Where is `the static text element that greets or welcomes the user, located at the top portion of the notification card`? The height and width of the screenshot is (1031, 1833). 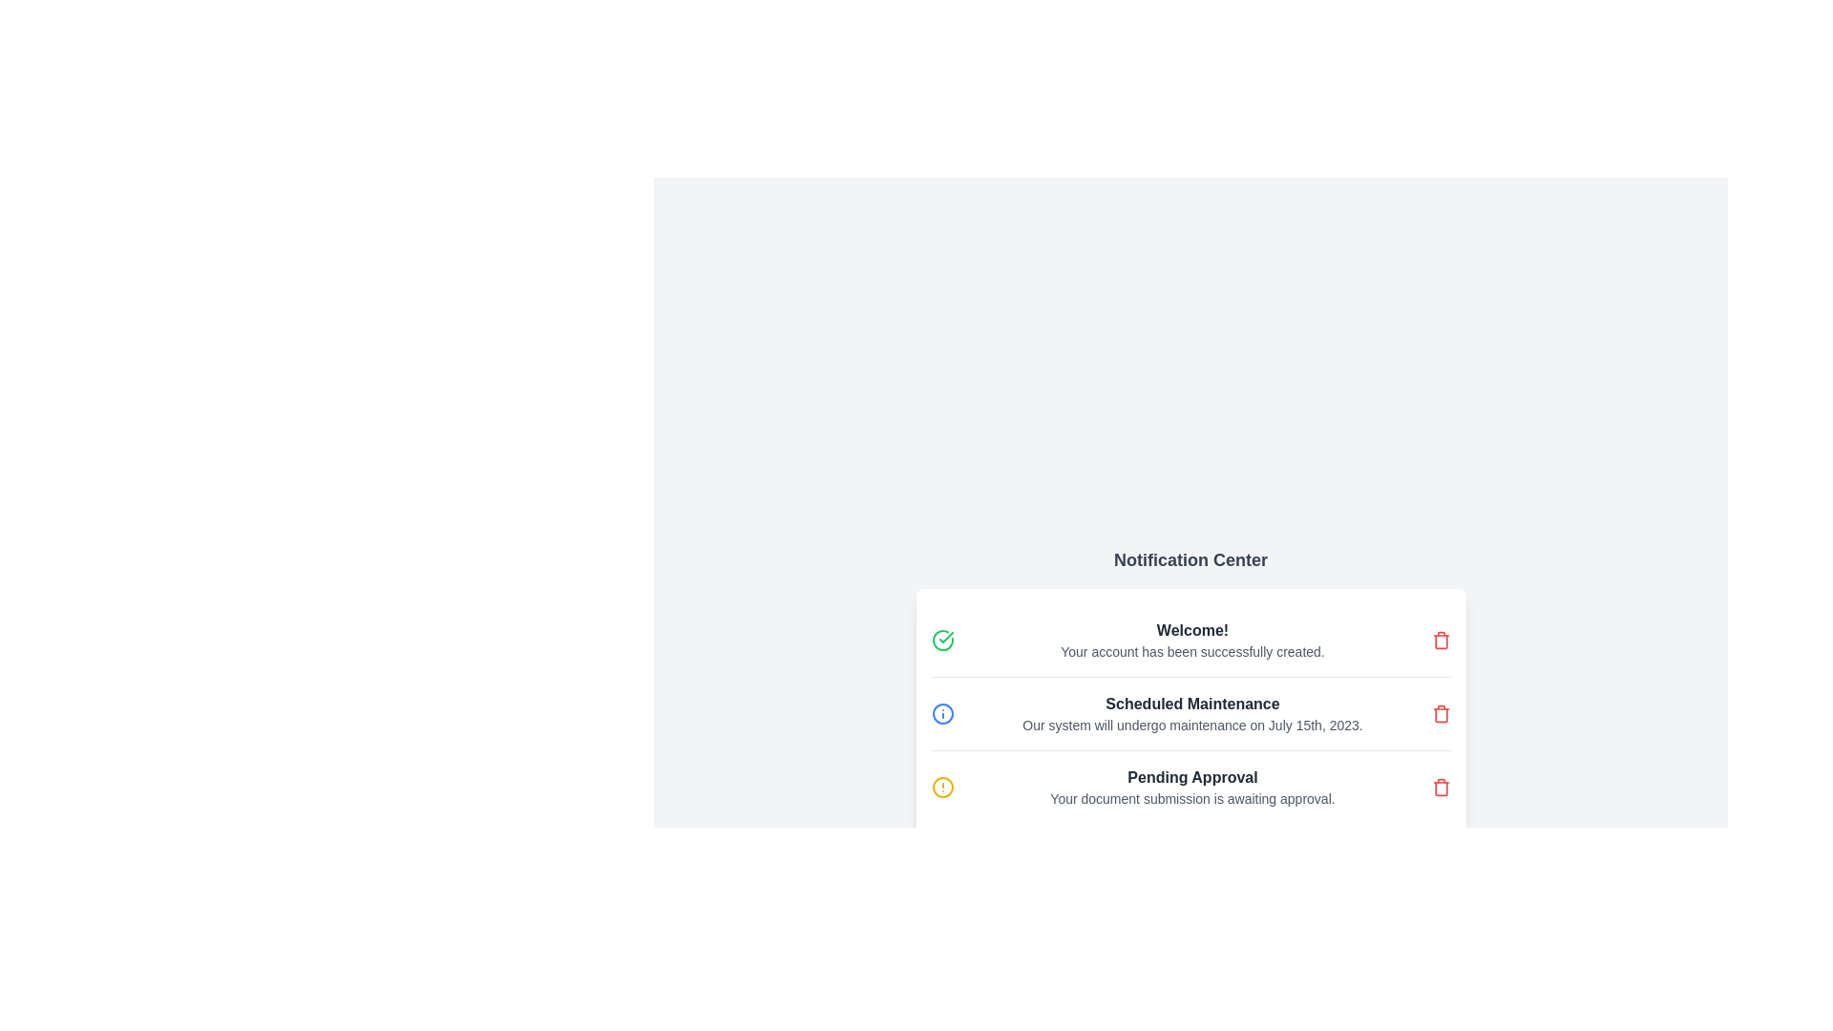
the static text element that greets or welcomes the user, located at the top portion of the notification card is located at coordinates (1191, 630).